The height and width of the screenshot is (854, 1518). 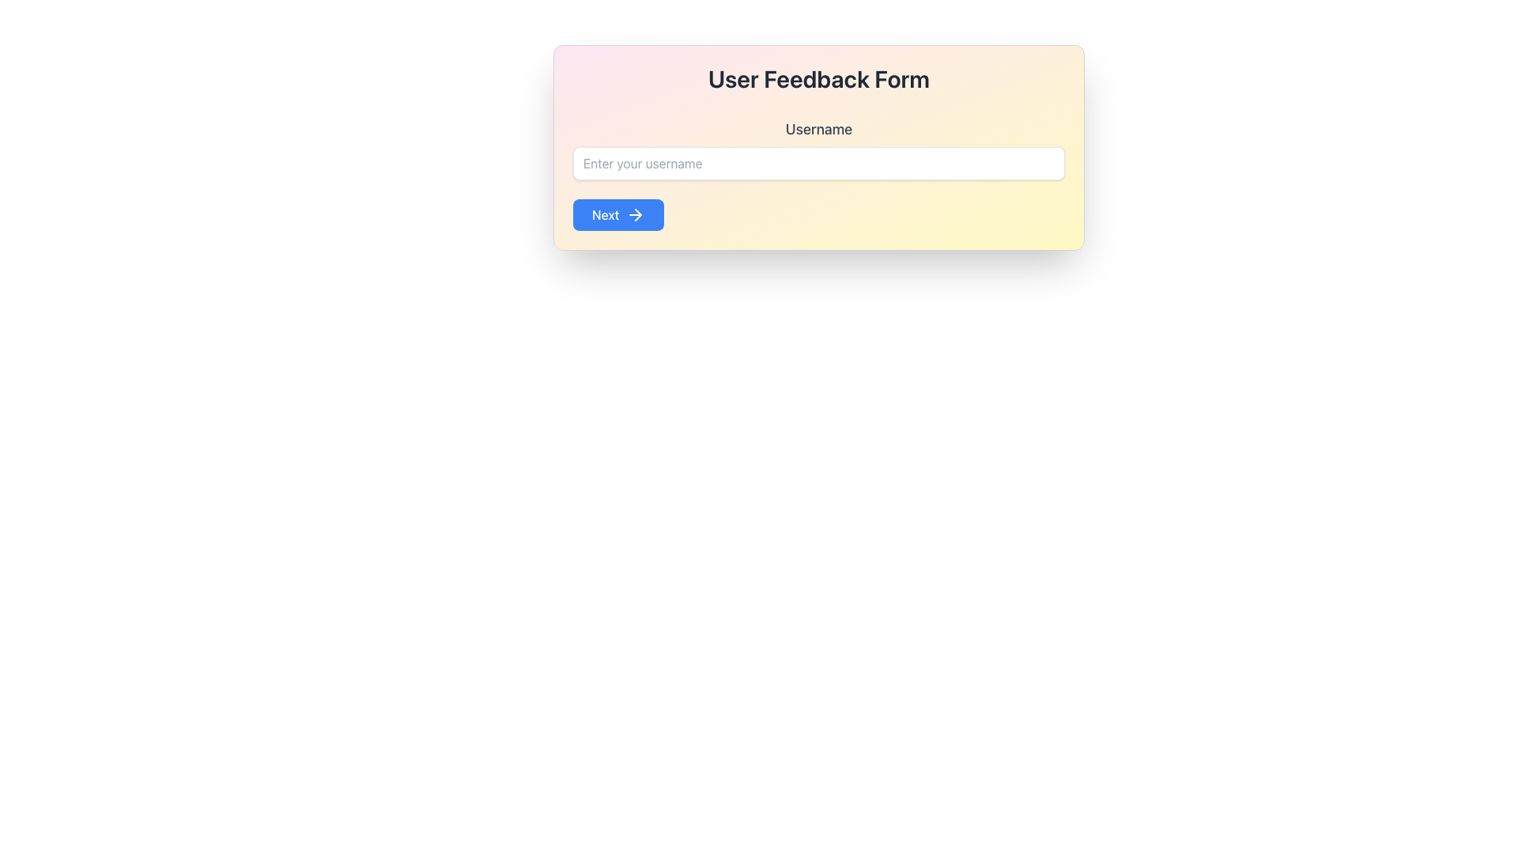 What do you see at coordinates (819, 129) in the screenshot?
I see `the 'Username' label, which is displayed in bold, medium-sized dark gray font at the top-center of the user feedback form` at bounding box center [819, 129].